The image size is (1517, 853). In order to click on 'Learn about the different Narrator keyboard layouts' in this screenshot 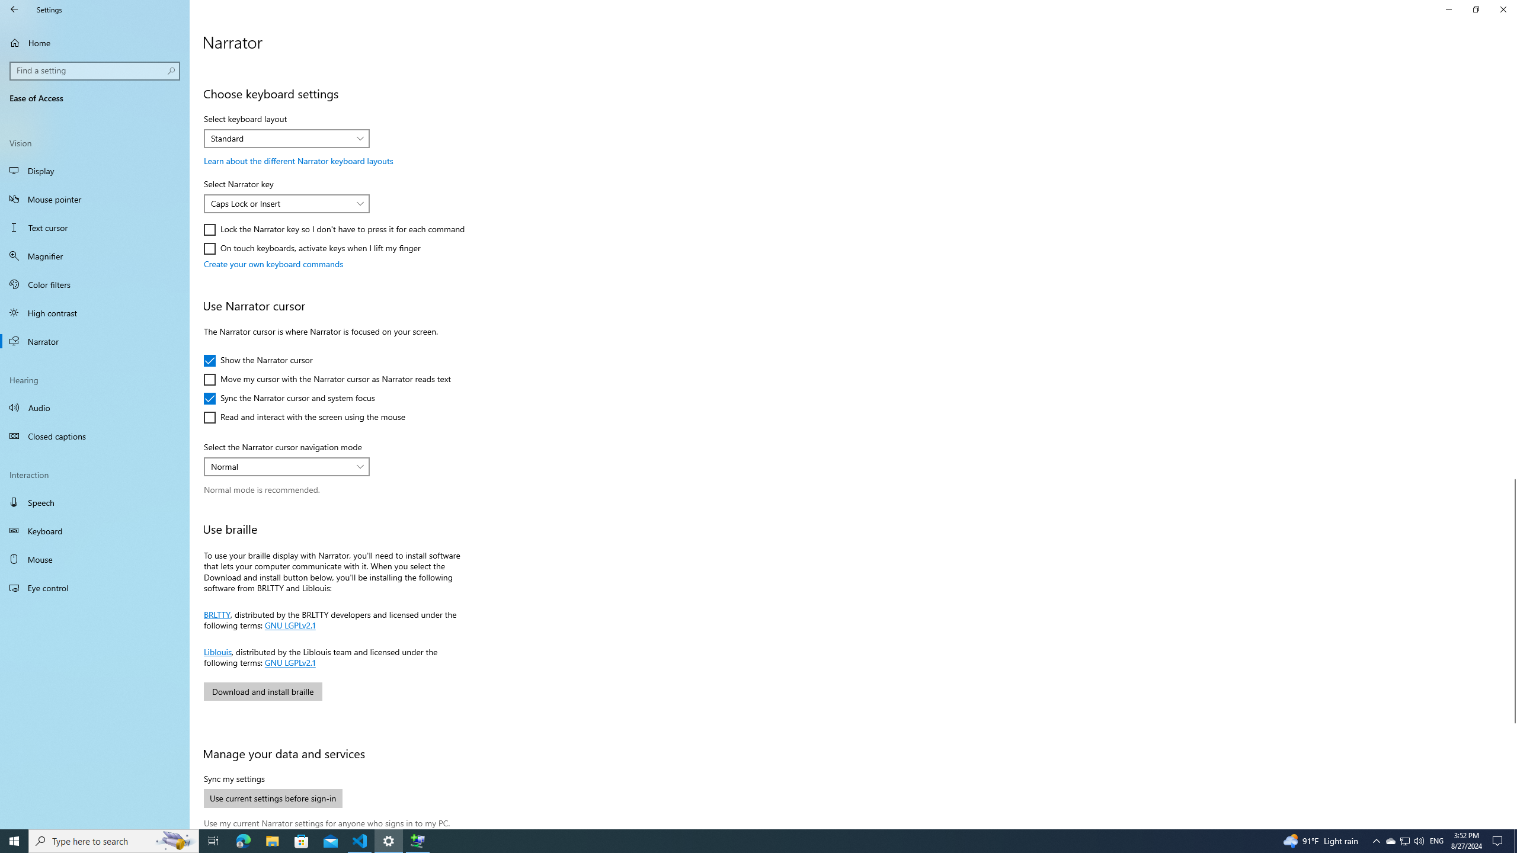, I will do `click(297, 161)`.